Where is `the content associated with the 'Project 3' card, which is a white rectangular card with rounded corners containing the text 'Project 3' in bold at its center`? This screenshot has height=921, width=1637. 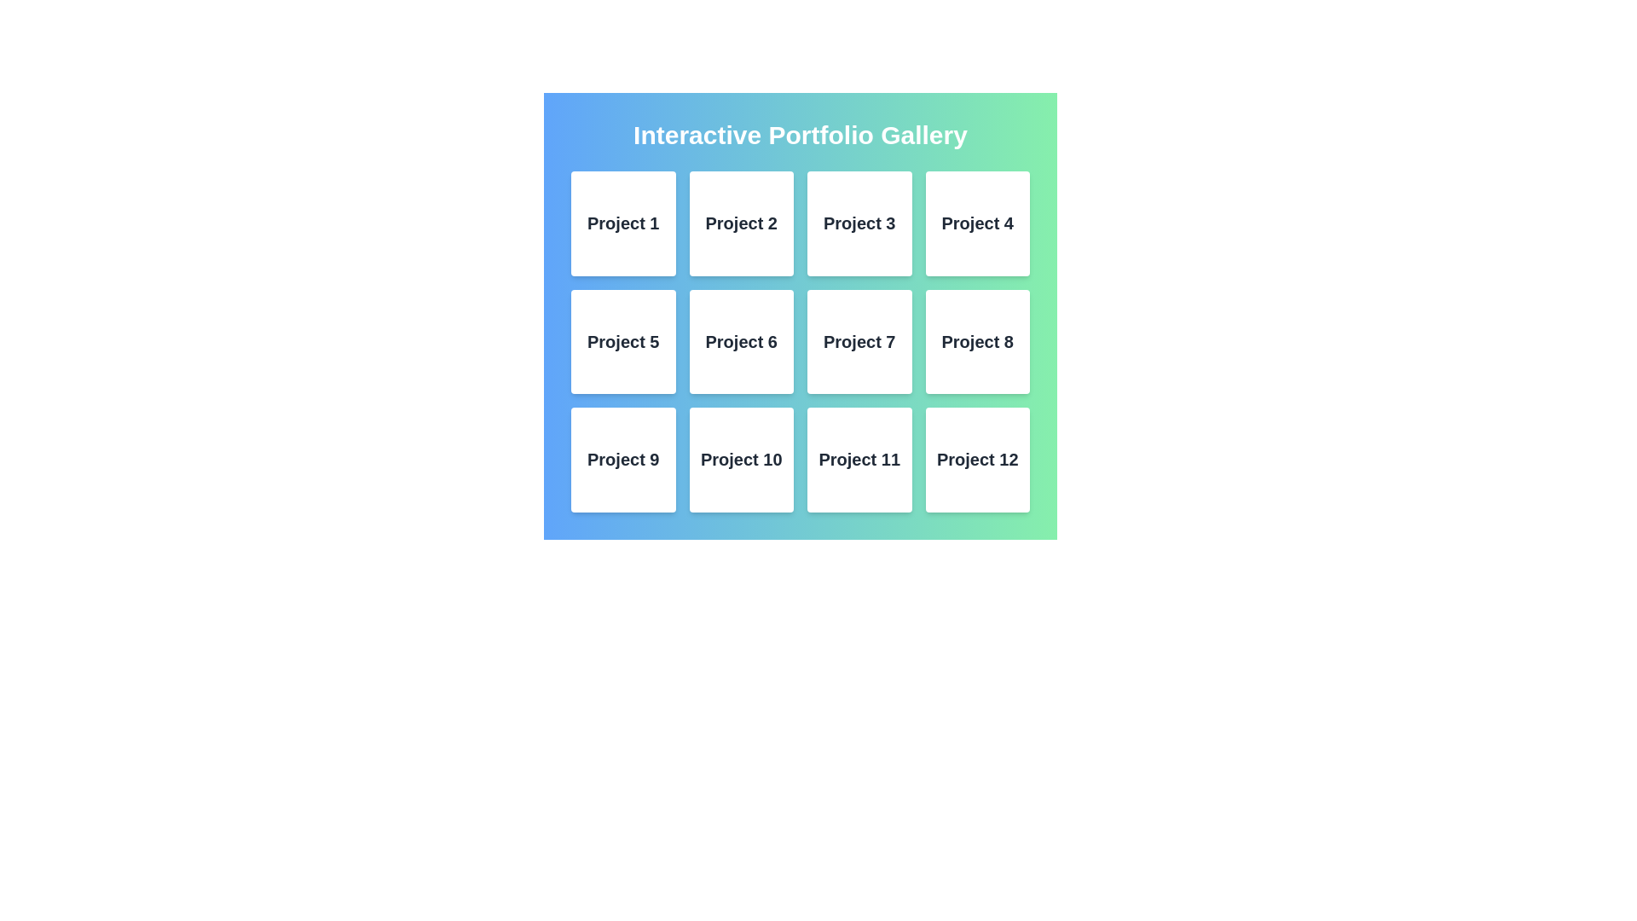
the content associated with the 'Project 3' card, which is a white rectangular card with rounded corners containing the text 'Project 3' in bold at its center is located at coordinates (859, 223).